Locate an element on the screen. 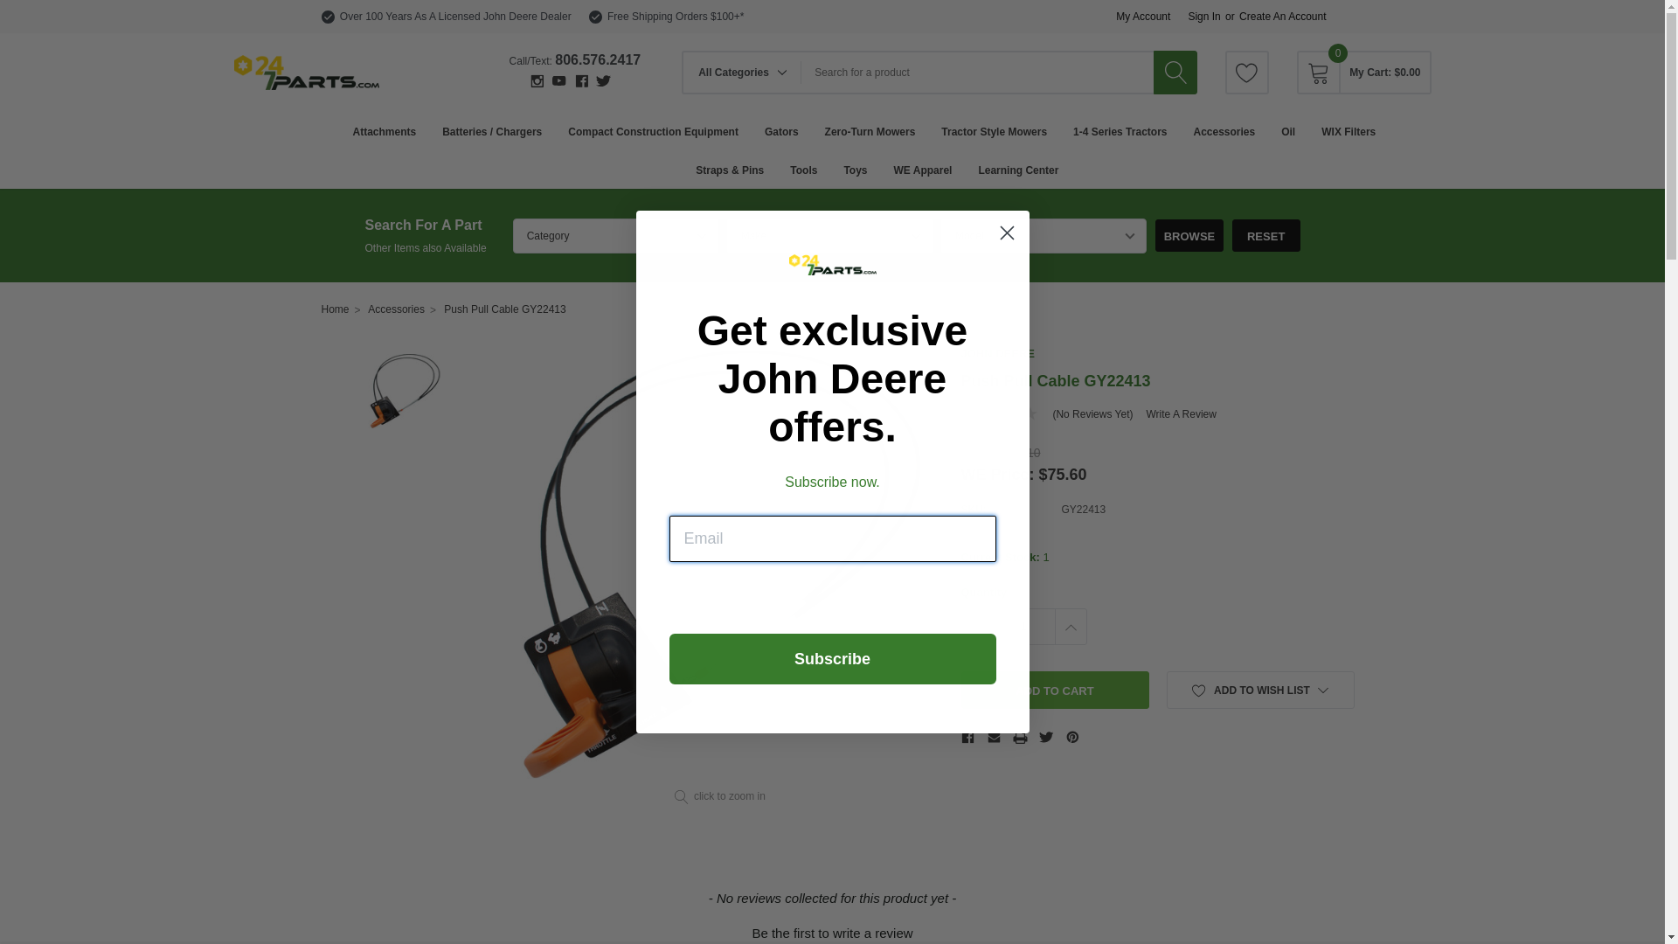 The height and width of the screenshot is (944, 1678). 'INCREASE QUANTITY:' is located at coordinates (1052, 626).